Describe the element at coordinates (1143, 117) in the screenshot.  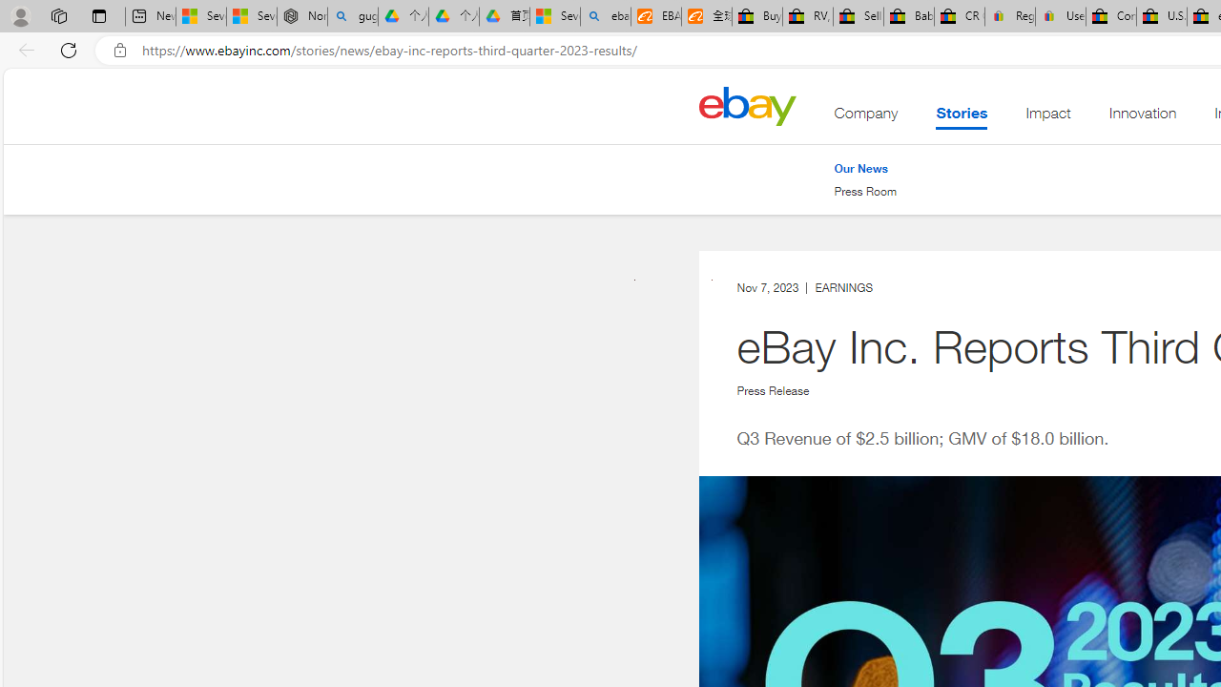
I see `'Innovation'` at that location.